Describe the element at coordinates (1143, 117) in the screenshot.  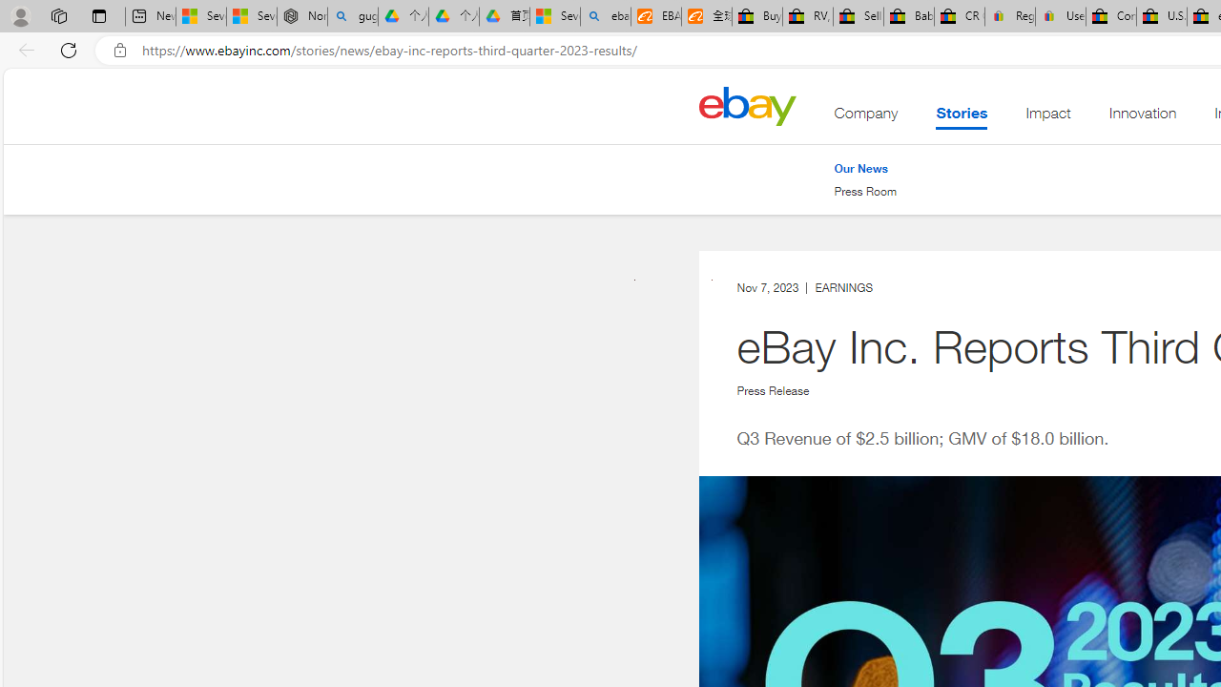
I see `'Innovation'` at that location.